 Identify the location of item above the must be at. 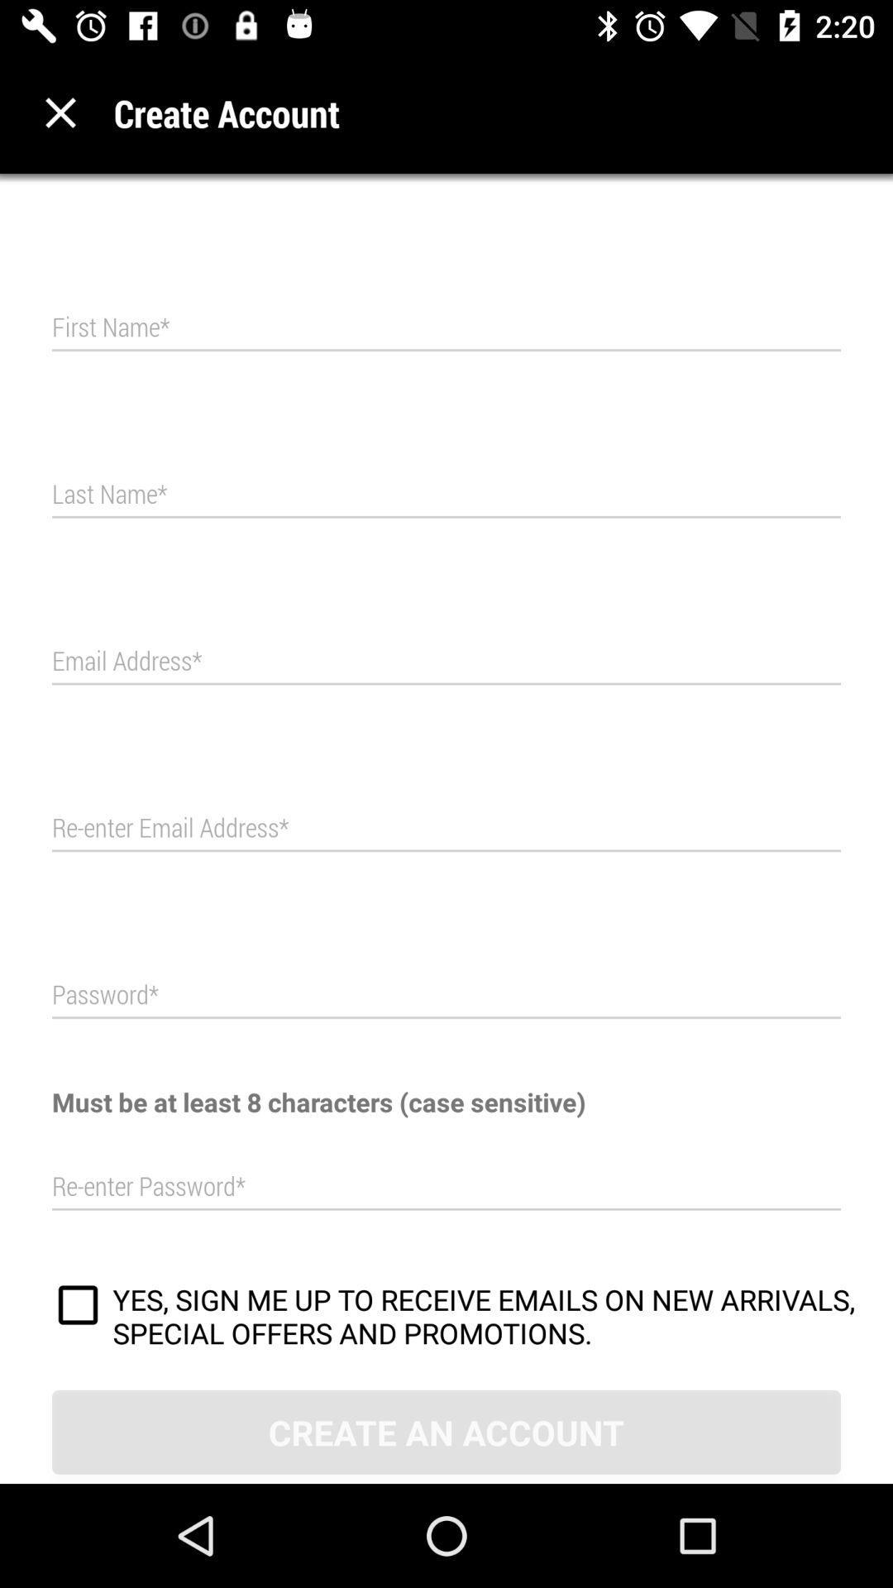
(446, 994).